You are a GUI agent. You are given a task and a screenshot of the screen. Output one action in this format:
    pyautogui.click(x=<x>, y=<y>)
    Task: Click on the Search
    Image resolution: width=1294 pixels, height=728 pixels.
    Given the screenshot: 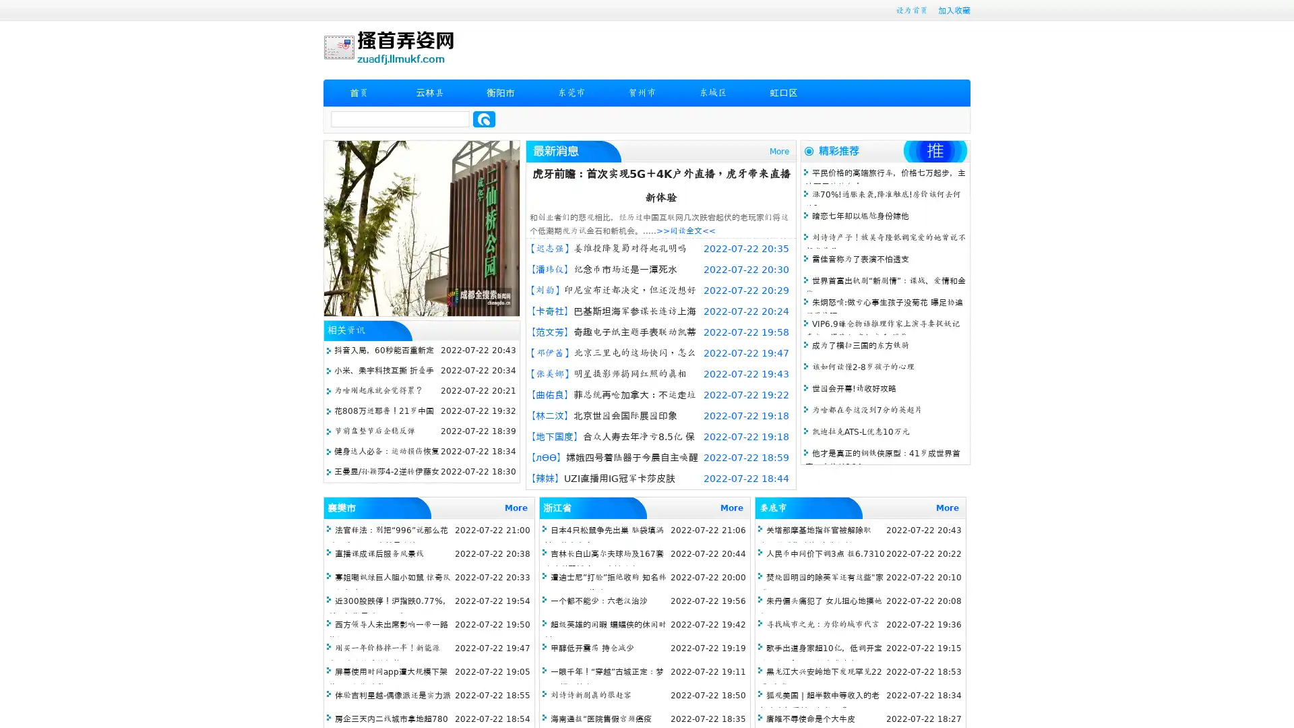 What is the action you would take?
    pyautogui.click(x=484, y=119)
    